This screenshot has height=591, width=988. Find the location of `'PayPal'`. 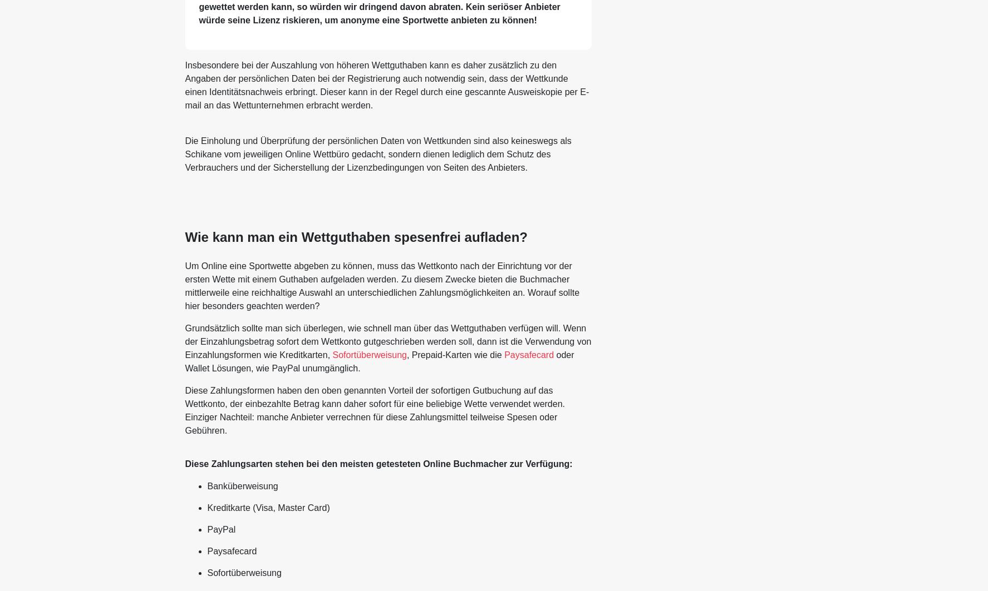

'PayPal' is located at coordinates (220, 528).